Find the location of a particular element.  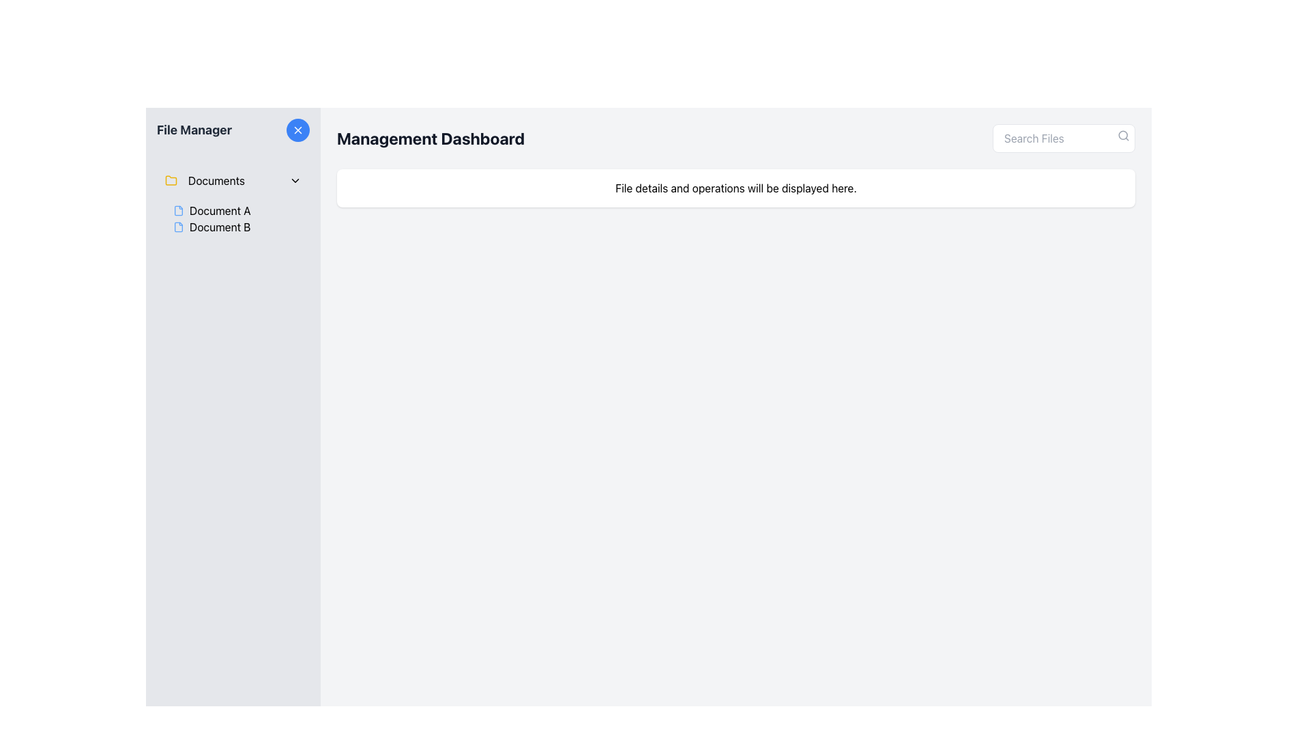

the Navigation item labeled 'Document A' in the File Manager sidebar is located at coordinates (242, 210).